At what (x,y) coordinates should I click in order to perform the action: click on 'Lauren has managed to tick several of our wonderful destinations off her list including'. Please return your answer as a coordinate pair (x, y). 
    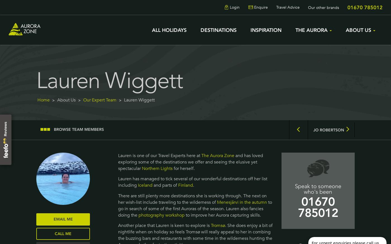
    Looking at the image, I should click on (192, 182).